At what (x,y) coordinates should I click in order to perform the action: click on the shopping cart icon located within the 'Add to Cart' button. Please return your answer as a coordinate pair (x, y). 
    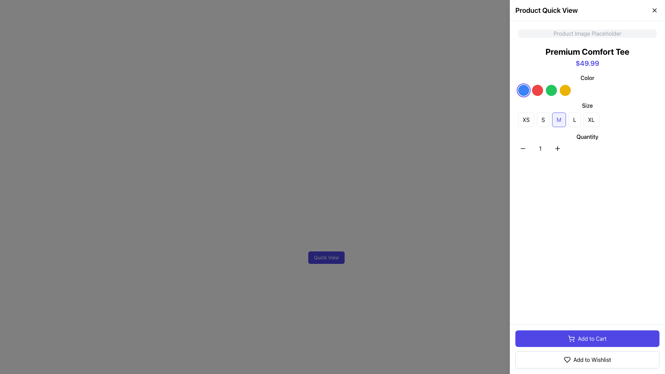
    Looking at the image, I should click on (571, 338).